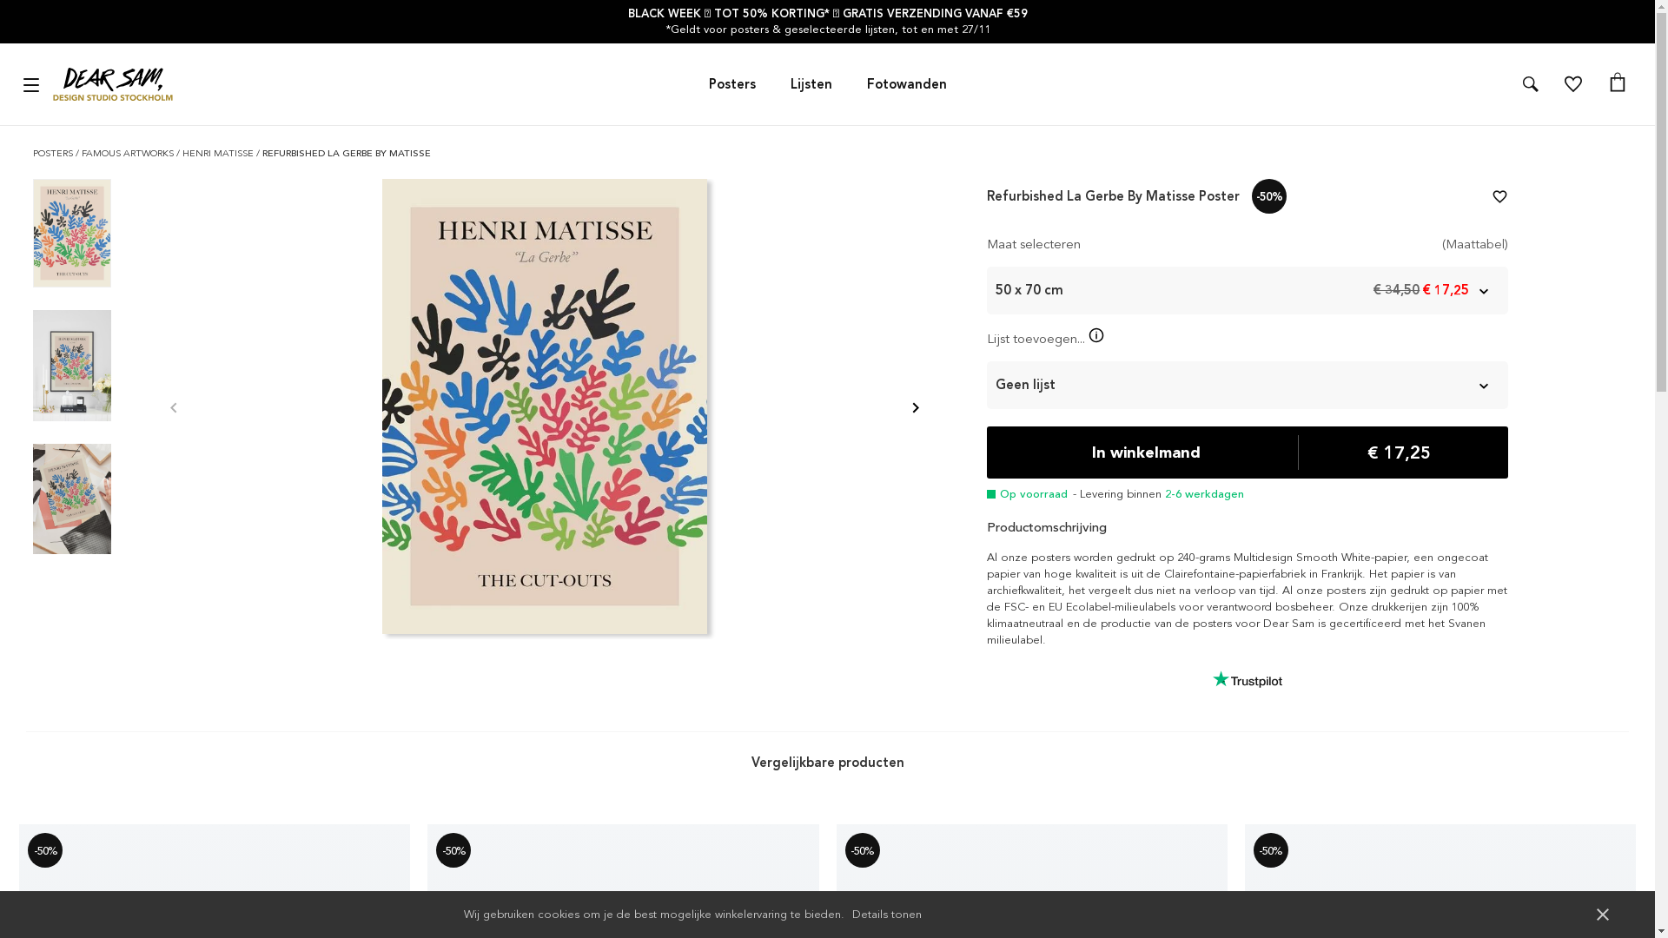 This screenshot has height=938, width=1668. Describe the element at coordinates (851, 913) in the screenshot. I see `'Details tonen'` at that location.